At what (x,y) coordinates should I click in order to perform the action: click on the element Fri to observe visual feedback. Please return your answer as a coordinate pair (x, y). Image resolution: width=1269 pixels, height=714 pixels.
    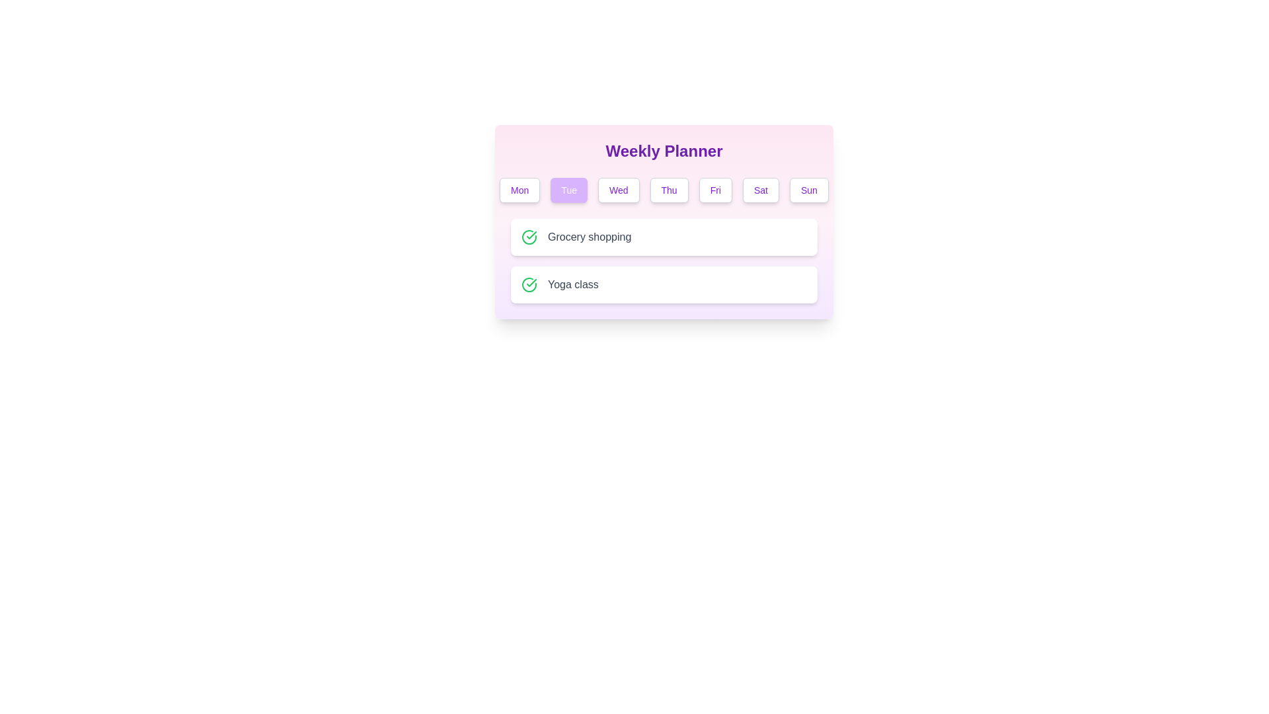
    Looking at the image, I should click on (714, 190).